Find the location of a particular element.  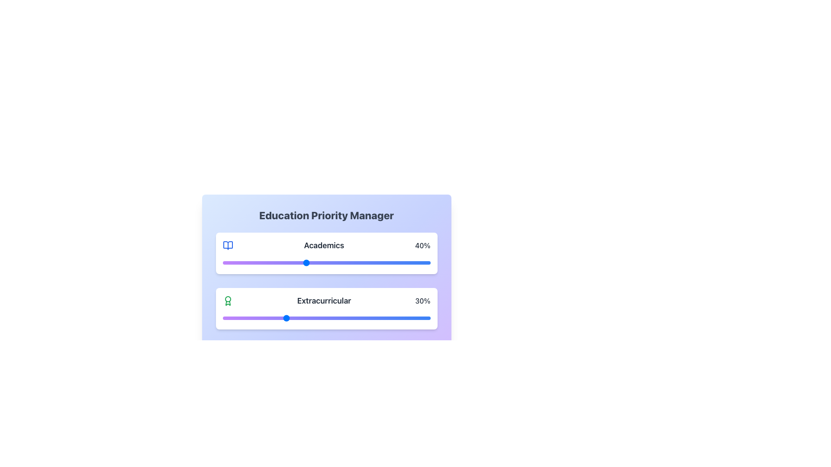

'Extracurricular' value is located at coordinates (293, 318).